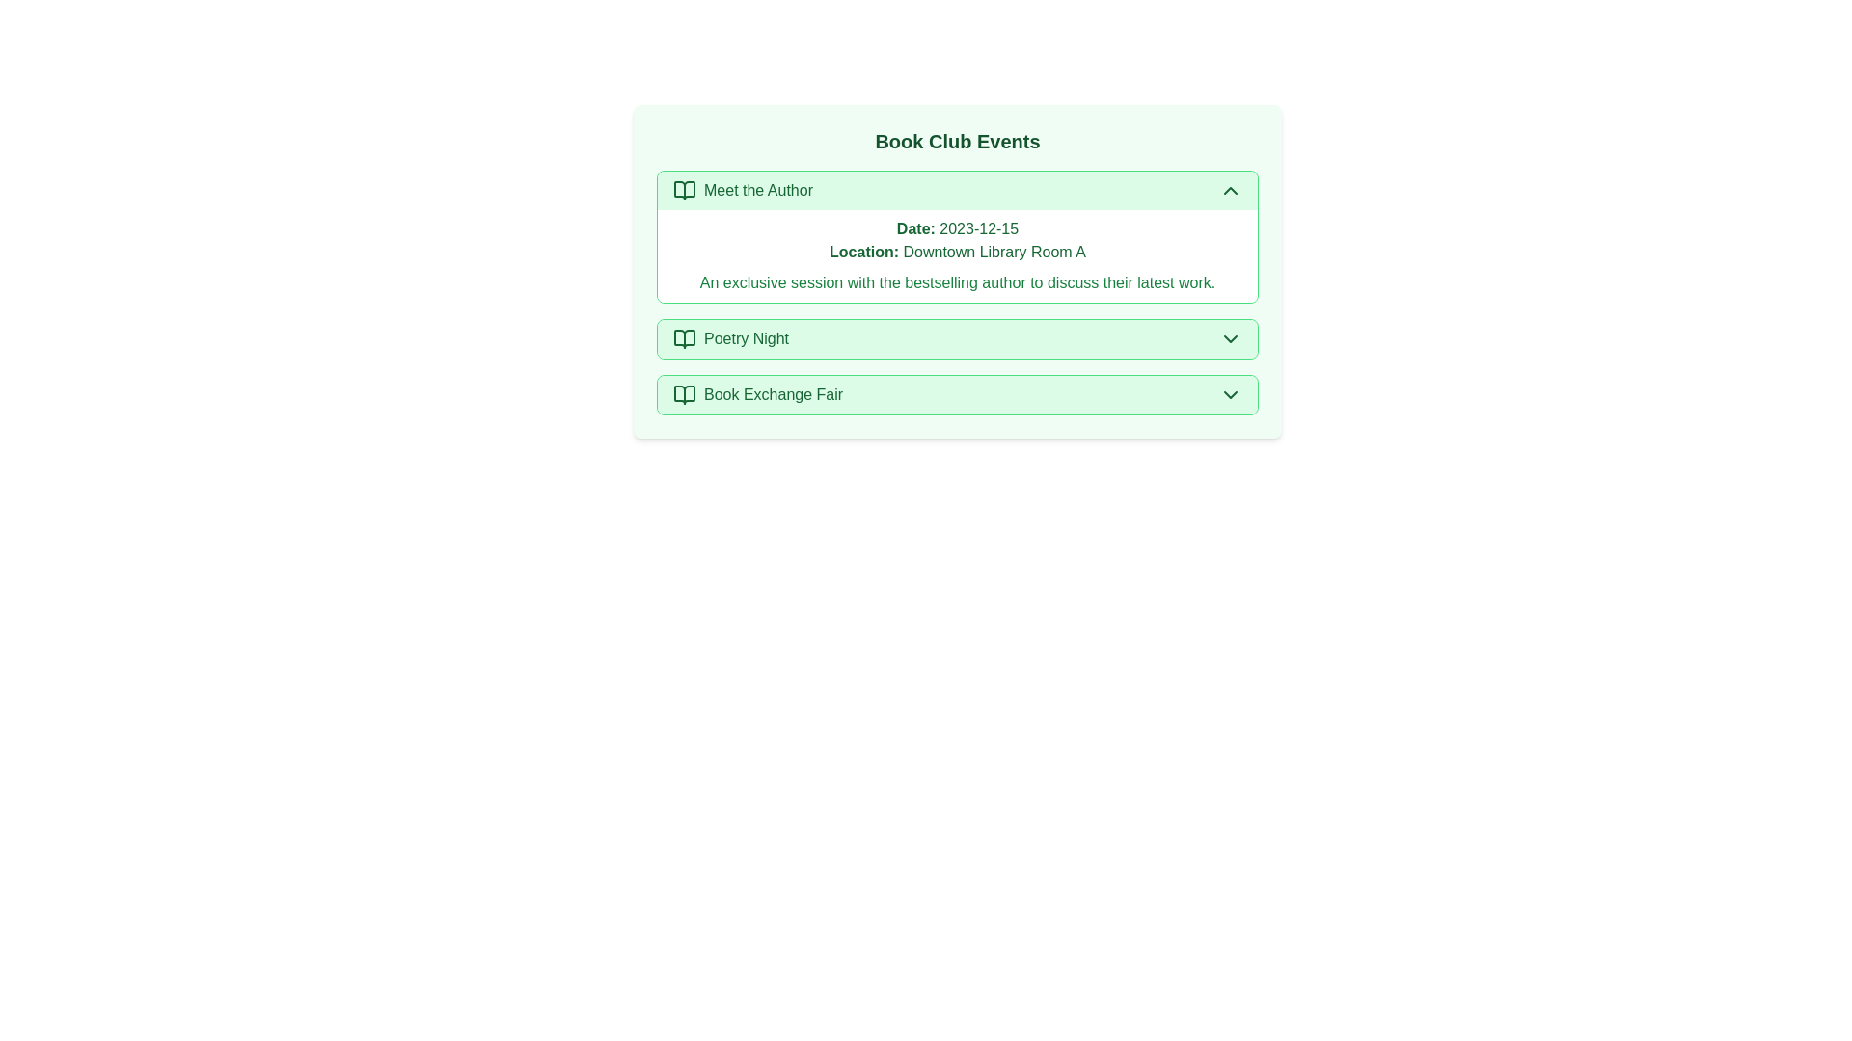 This screenshot has height=1041, width=1852. What do you see at coordinates (1230, 337) in the screenshot?
I see `the downward-facing chevron icon at the right end of the 'Poetry Night' entry` at bounding box center [1230, 337].